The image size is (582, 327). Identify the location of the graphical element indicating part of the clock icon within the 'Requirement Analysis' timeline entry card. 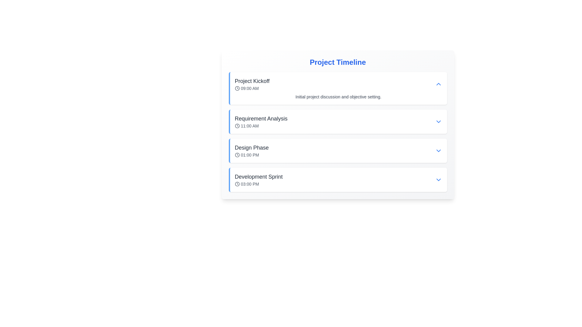
(237, 126).